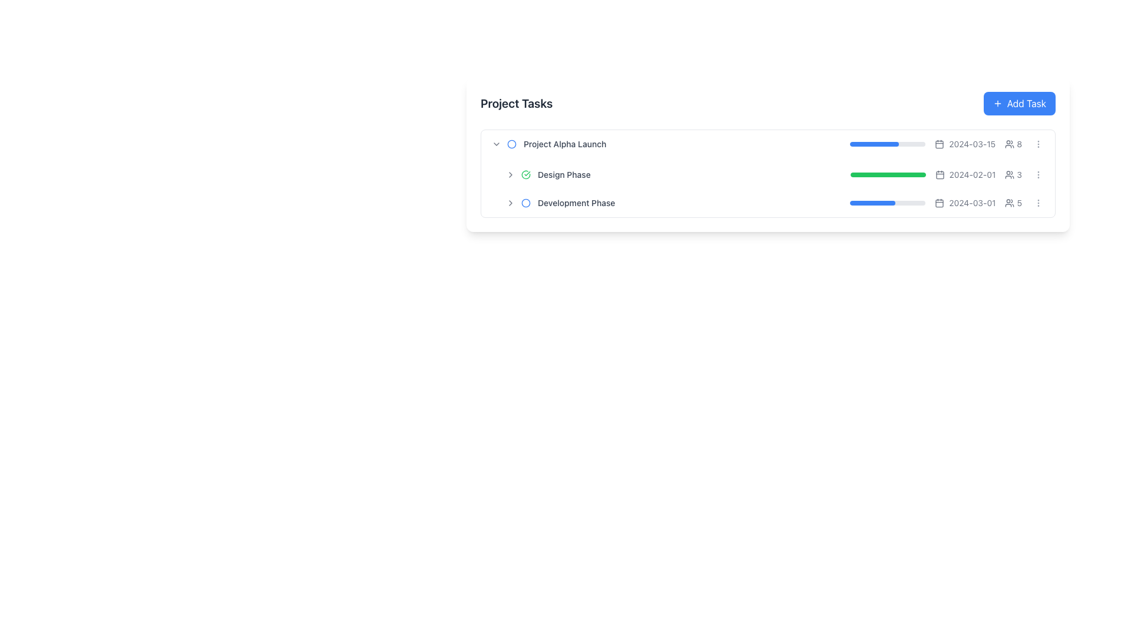 The image size is (1131, 636). What do you see at coordinates (563, 175) in the screenshot?
I see `the Text label that indicates a task related to the design phase in the project management context, positioned to the right of a completion icon and part of a hierarchical list under 'Project Alpha Launch'` at bounding box center [563, 175].